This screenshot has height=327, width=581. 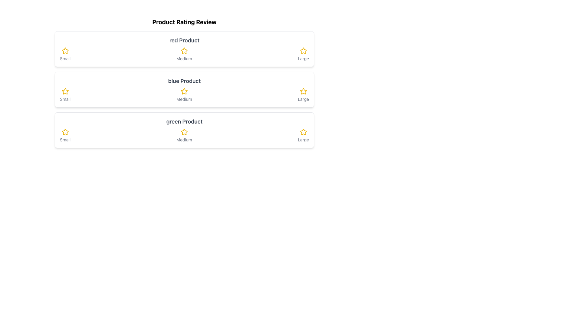 What do you see at coordinates (184, 131) in the screenshot?
I see `the star icon with a yellow outline representing the rating feature in the 'green Product' section under the 'Medium' rating category` at bounding box center [184, 131].